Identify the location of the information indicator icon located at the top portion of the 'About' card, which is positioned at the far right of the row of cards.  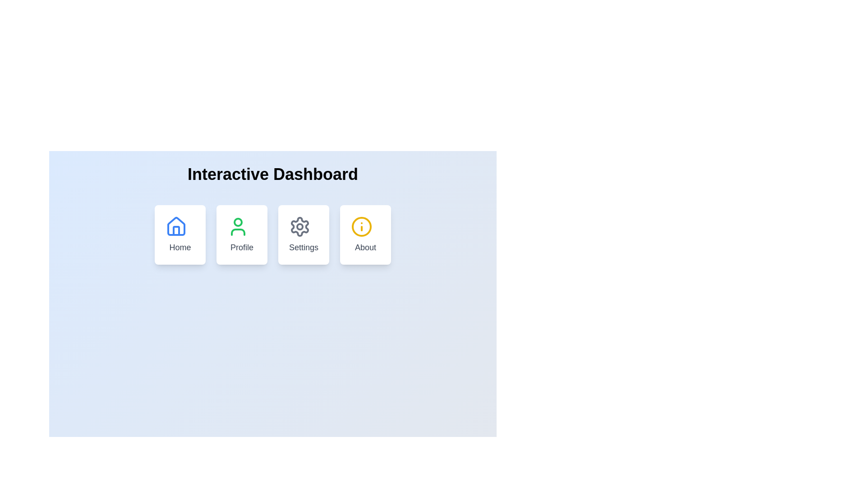
(361, 226).